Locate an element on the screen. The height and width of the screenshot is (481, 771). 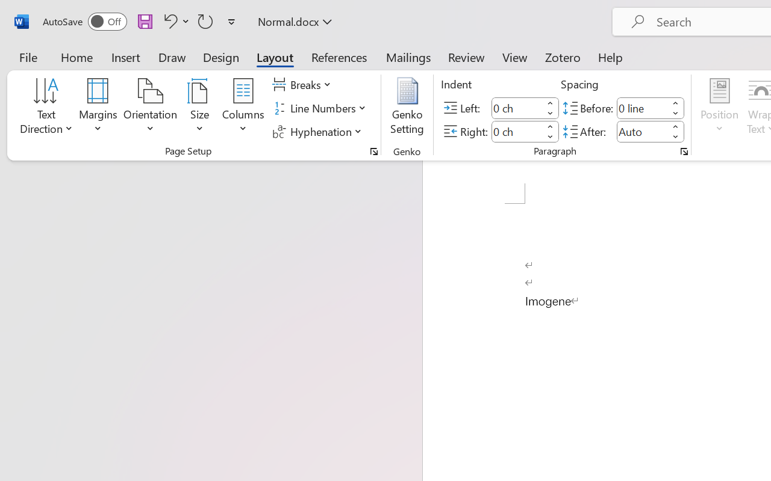
'Position' is located at coordinates (719, 108).